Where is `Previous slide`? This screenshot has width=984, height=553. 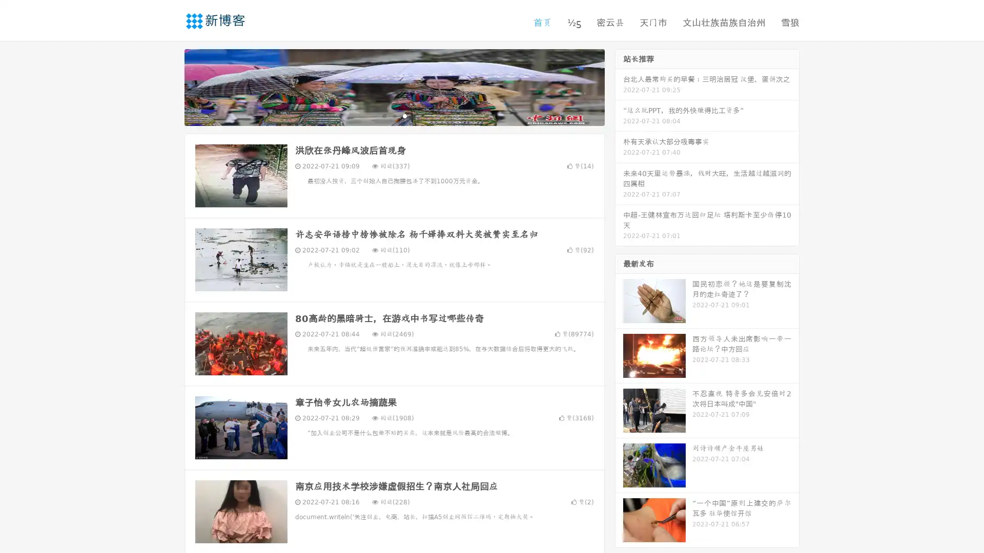 Previous slide is located at coordinates (169, 86).